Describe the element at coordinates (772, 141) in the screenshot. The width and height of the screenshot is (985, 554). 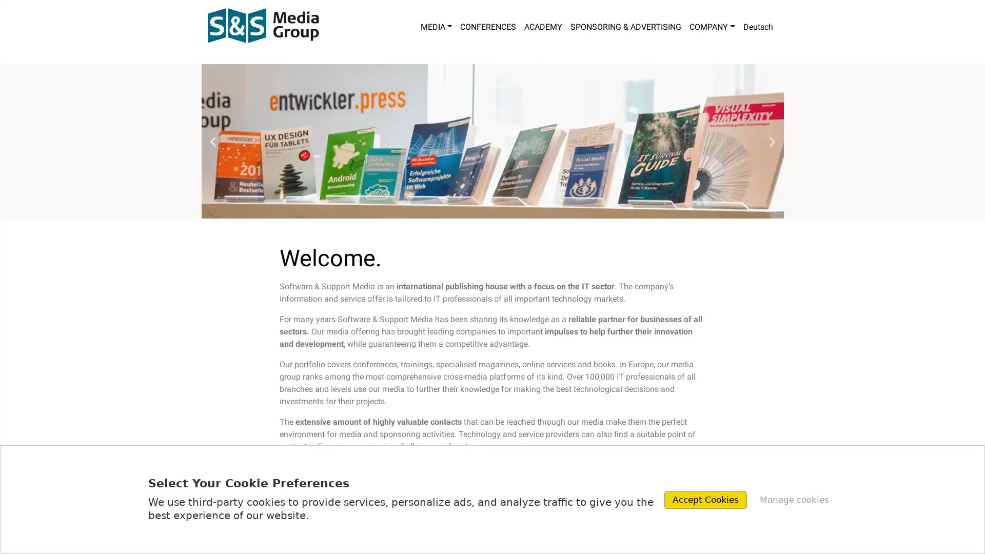
I see `Next slide` at that location.